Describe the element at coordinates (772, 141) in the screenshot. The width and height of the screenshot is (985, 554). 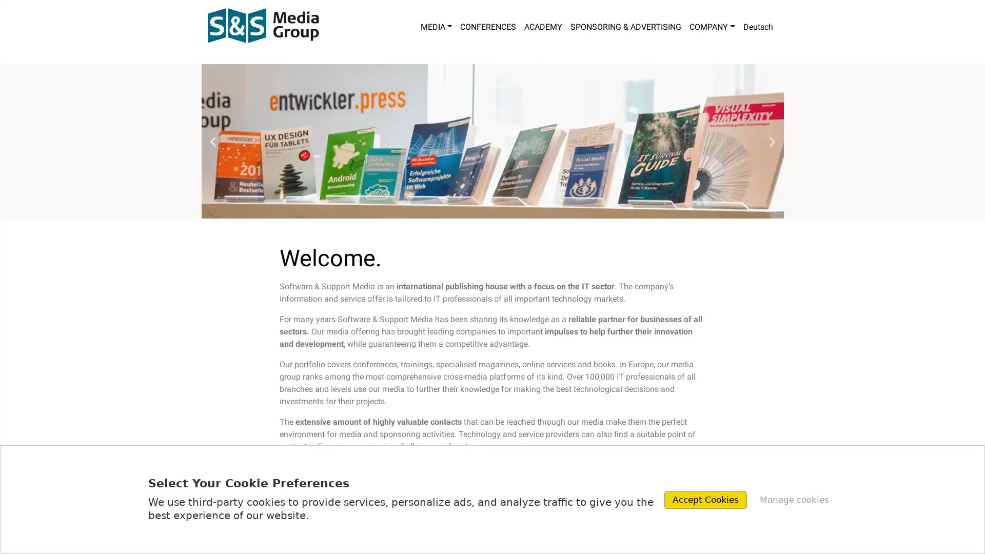
I see `Next slide` at that location.